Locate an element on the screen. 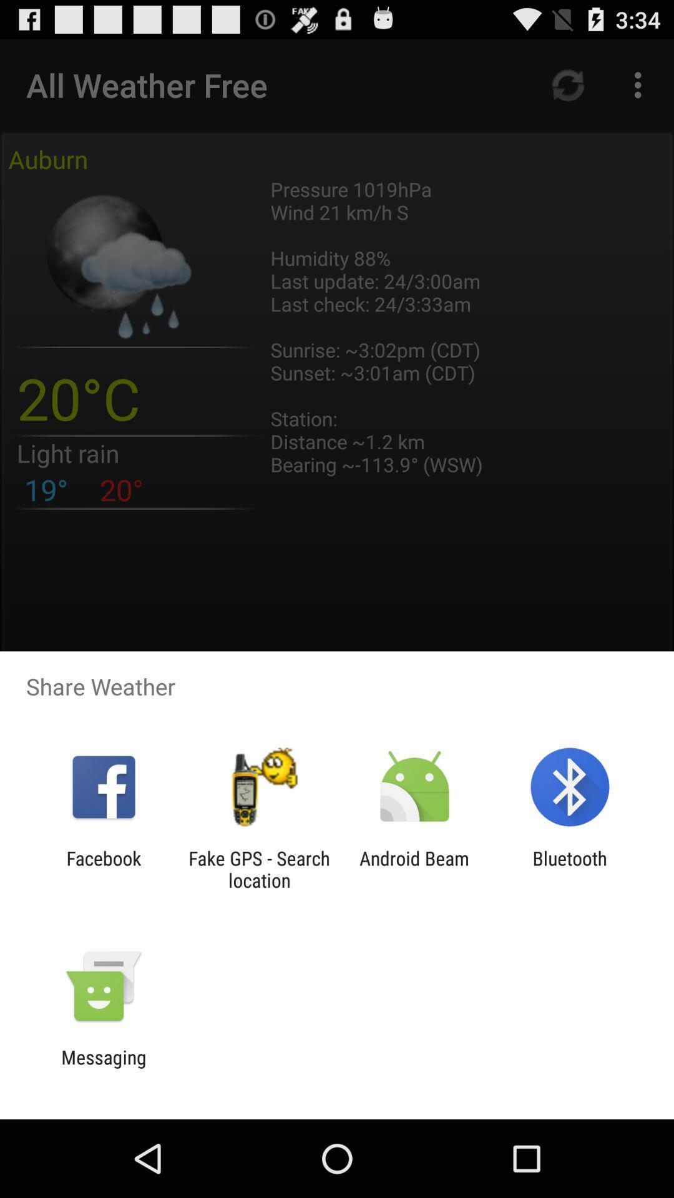  the item to the left of android beam app is located at coordinates (258, 869).